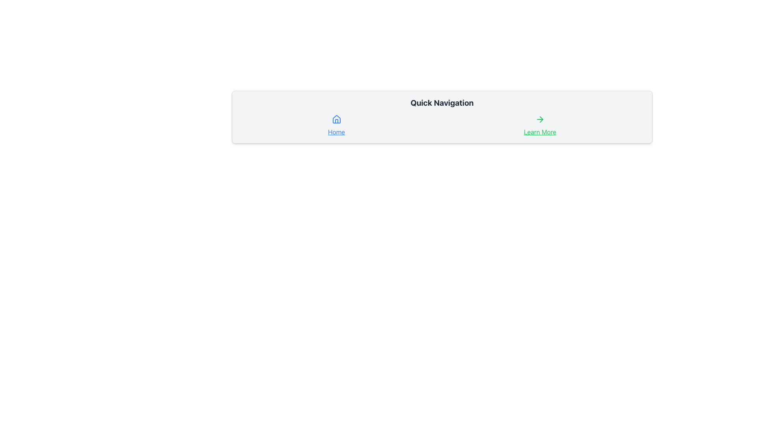 This screenshot has height=426, width=757. I want to click on the blue house-shaped icon in the Quick Navigation section, so click(336, 120).